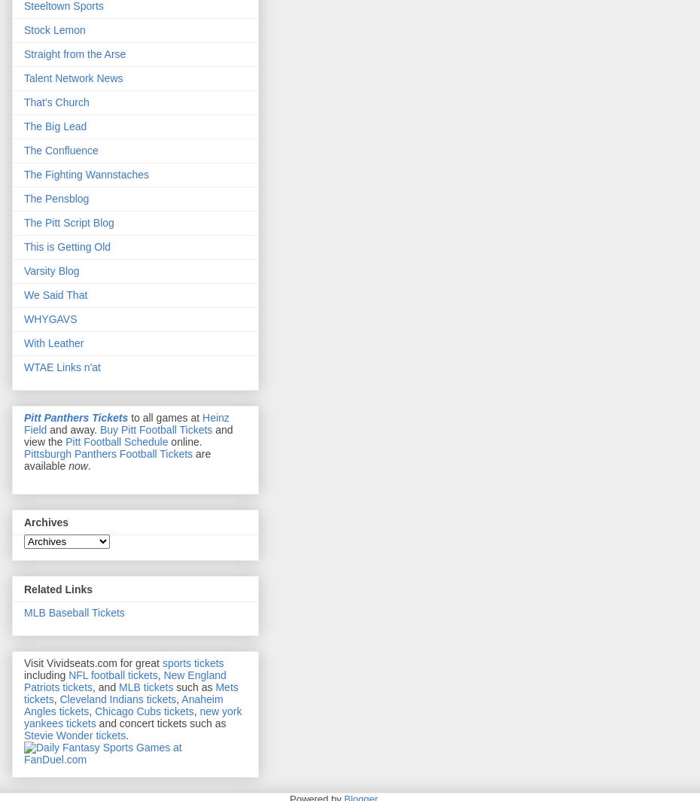  I want to click on 'We Said That', so click(55, 294).